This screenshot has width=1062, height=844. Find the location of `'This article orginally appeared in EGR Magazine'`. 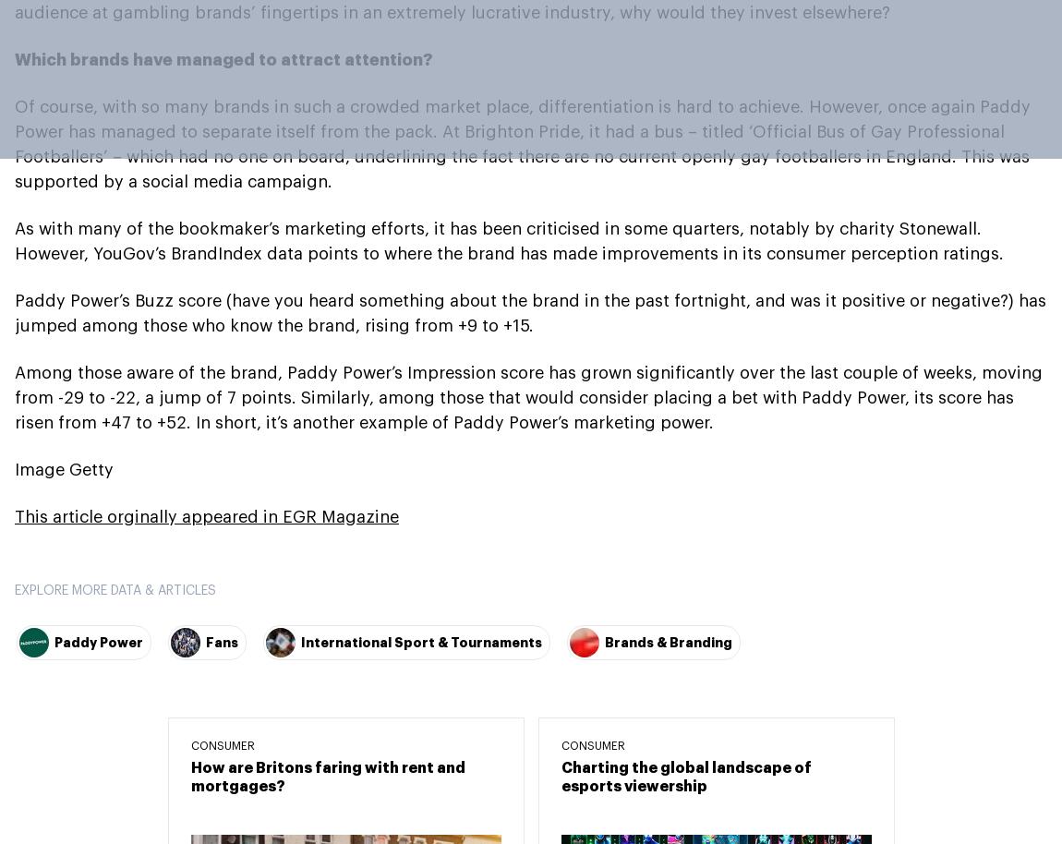

'This article orginally appeared in EGR Magazine' is located at coordinates (206, 516).